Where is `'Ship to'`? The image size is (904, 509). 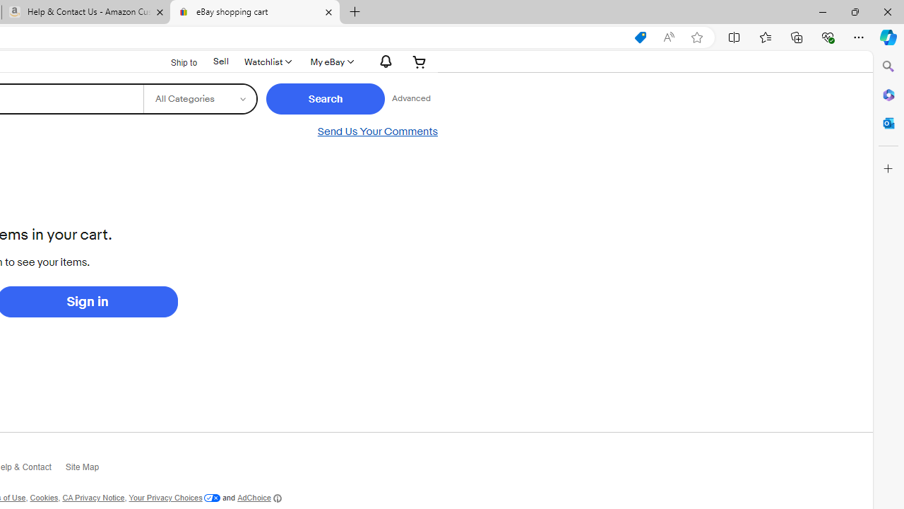
'Ship to' is located at coordinates (174, 62).